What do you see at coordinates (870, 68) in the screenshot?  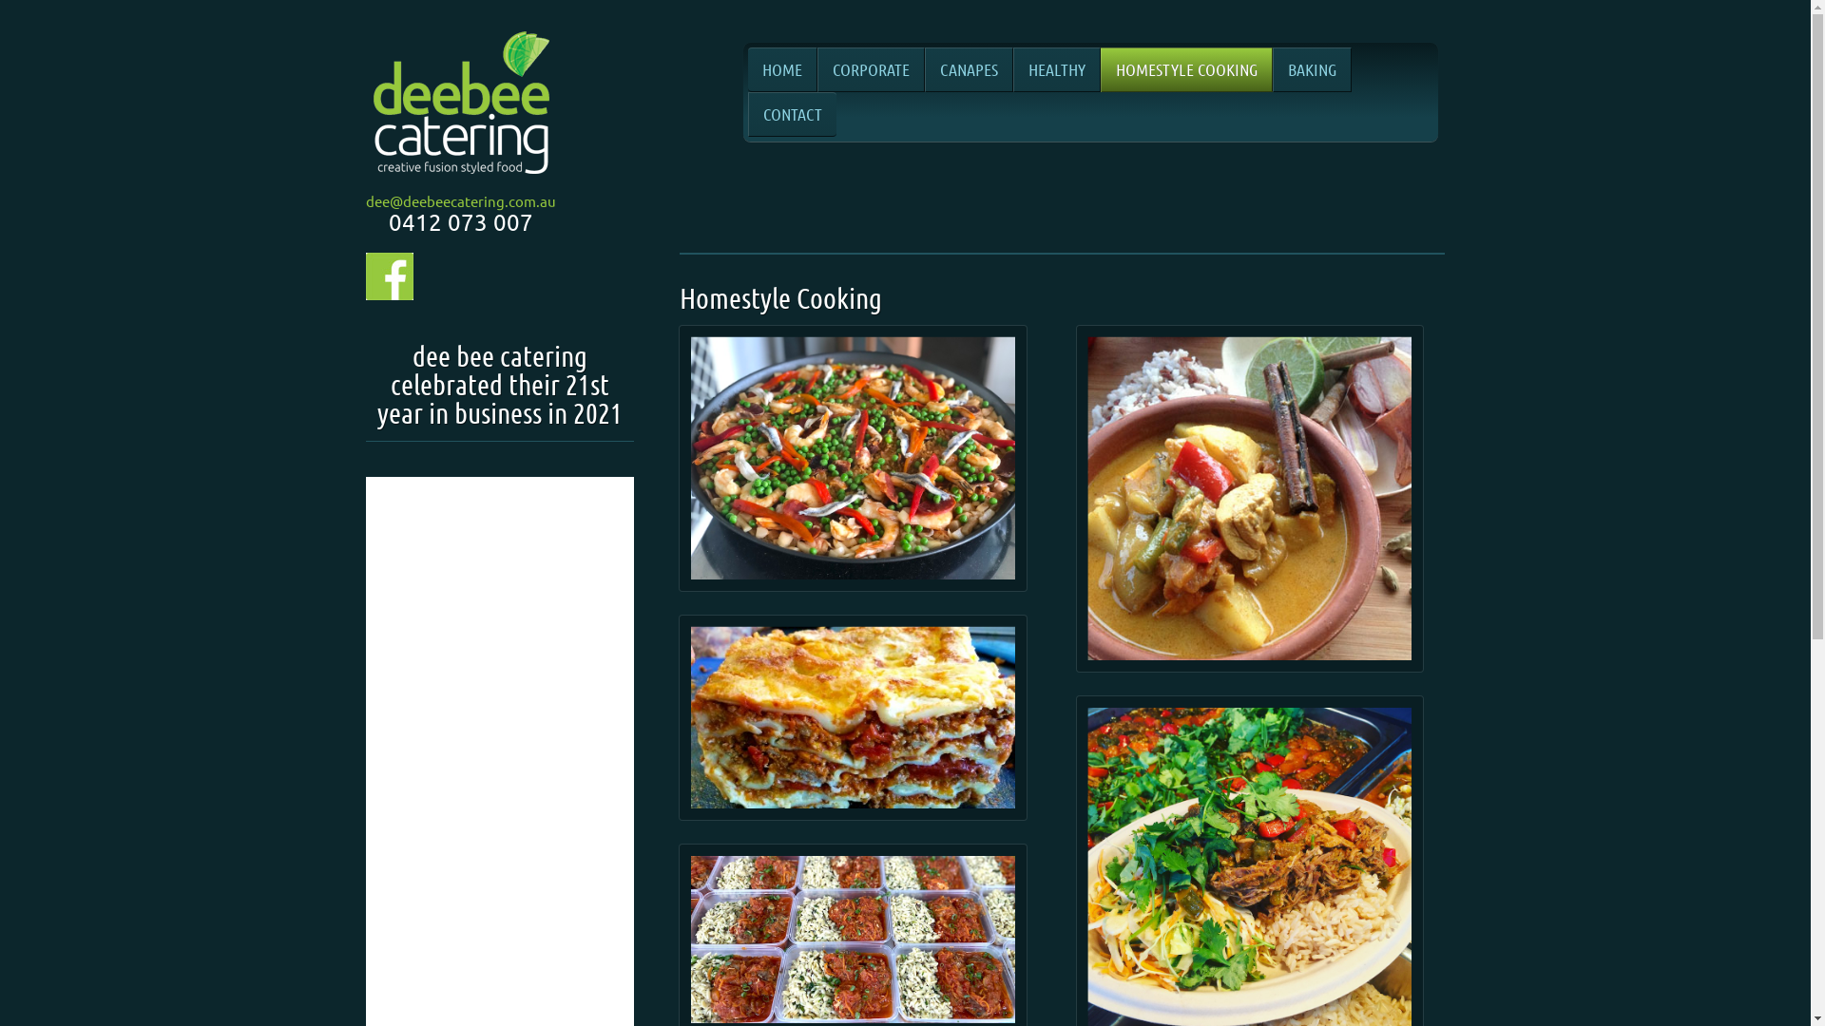 I see `'CORPORATE'` at bounding box center [870, 68].